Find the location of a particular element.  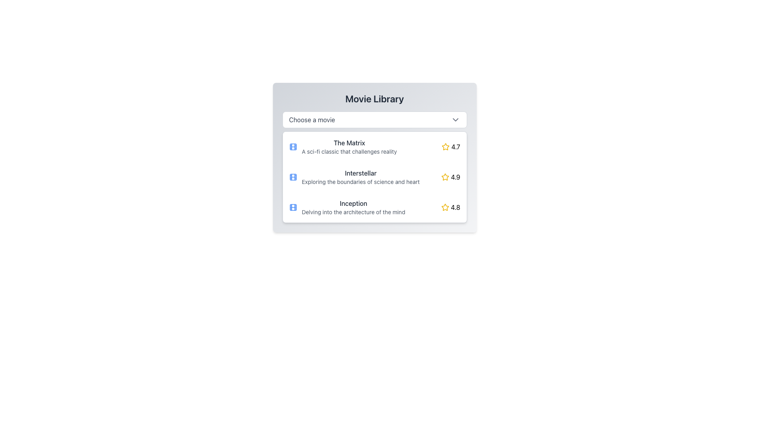

the second list item labeled 'Interstellar' in the movie library interface is located at coordinates (374, 176).